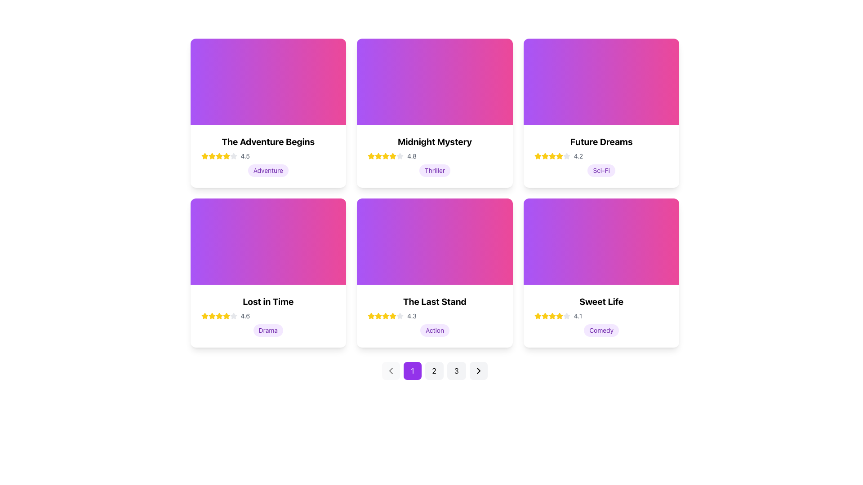 This screenshot has width=863, height=485. Describe the element at coordinates (538, 316) in the screenshot. I see `the first yellow star icon in the rating system for the movie 'Sweet Life', which represents a 4.1 rating` at that location.